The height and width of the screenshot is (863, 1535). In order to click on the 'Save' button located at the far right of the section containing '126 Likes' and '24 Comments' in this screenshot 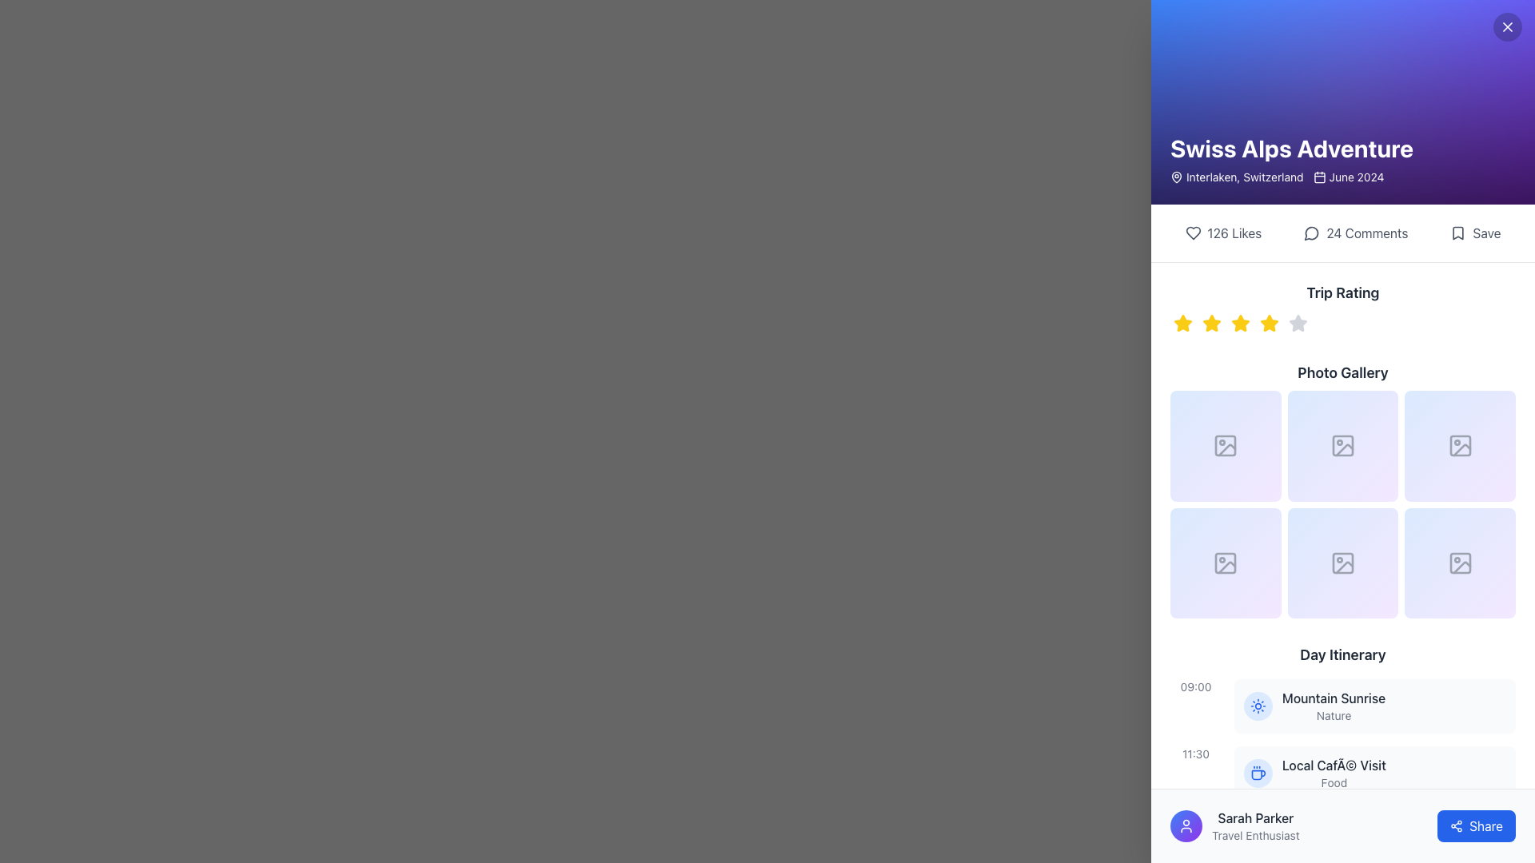, I will do `click(1474, 233)`.